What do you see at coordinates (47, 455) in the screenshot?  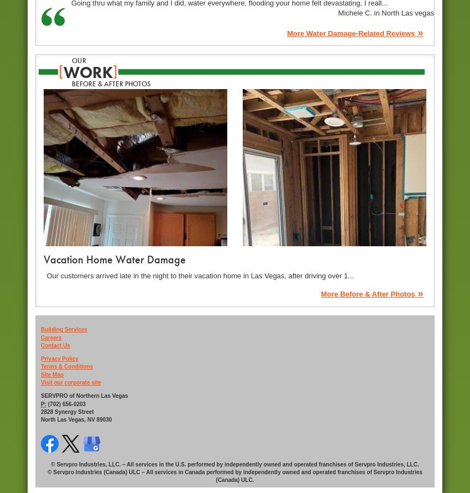 I see `'8954'` at bounding box center [47, 455].